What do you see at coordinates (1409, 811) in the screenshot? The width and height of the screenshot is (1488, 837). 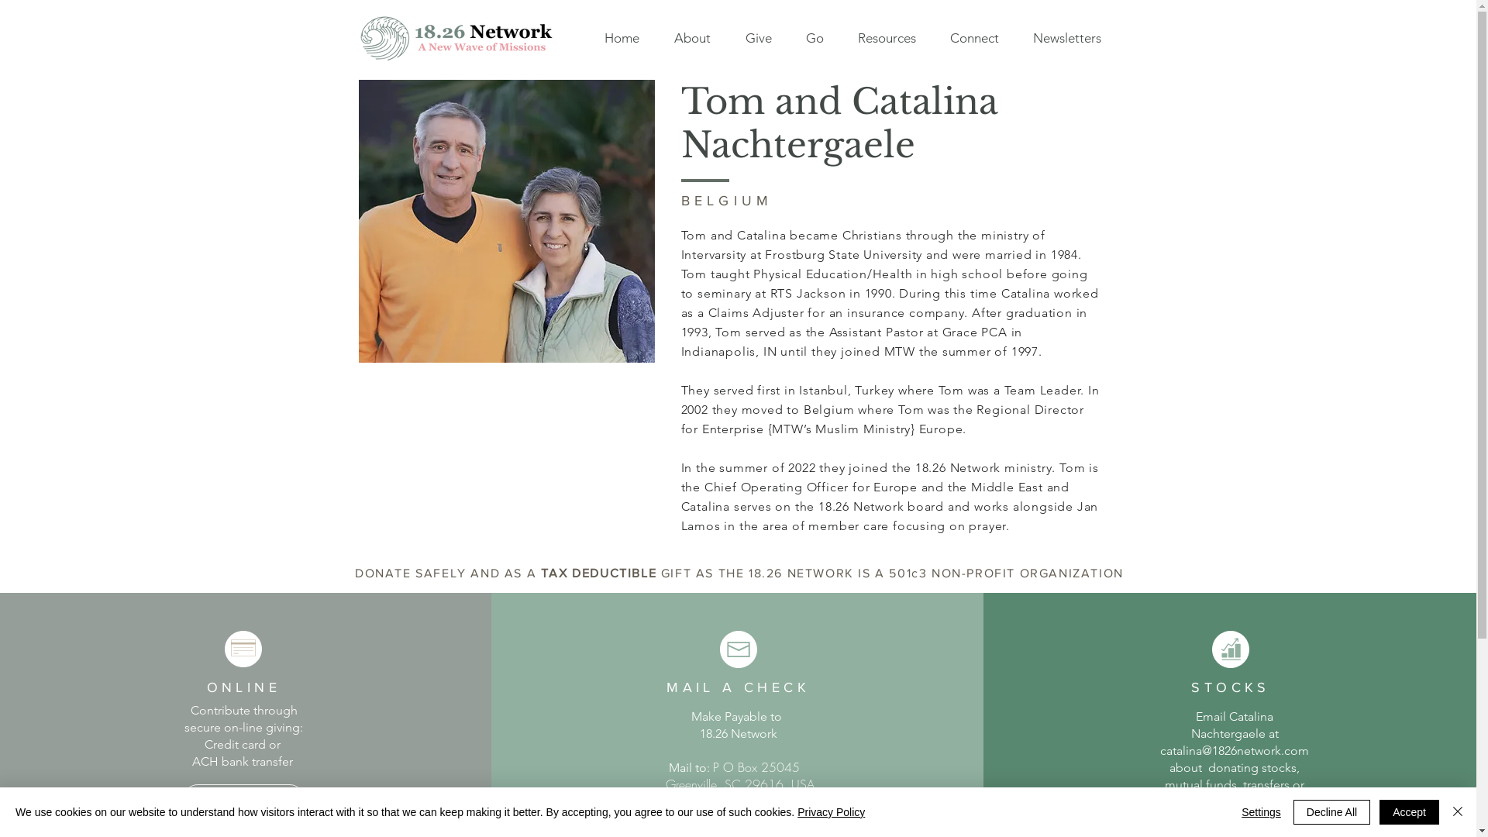 I see `'Accept'` at bounding box center [1409, 811].